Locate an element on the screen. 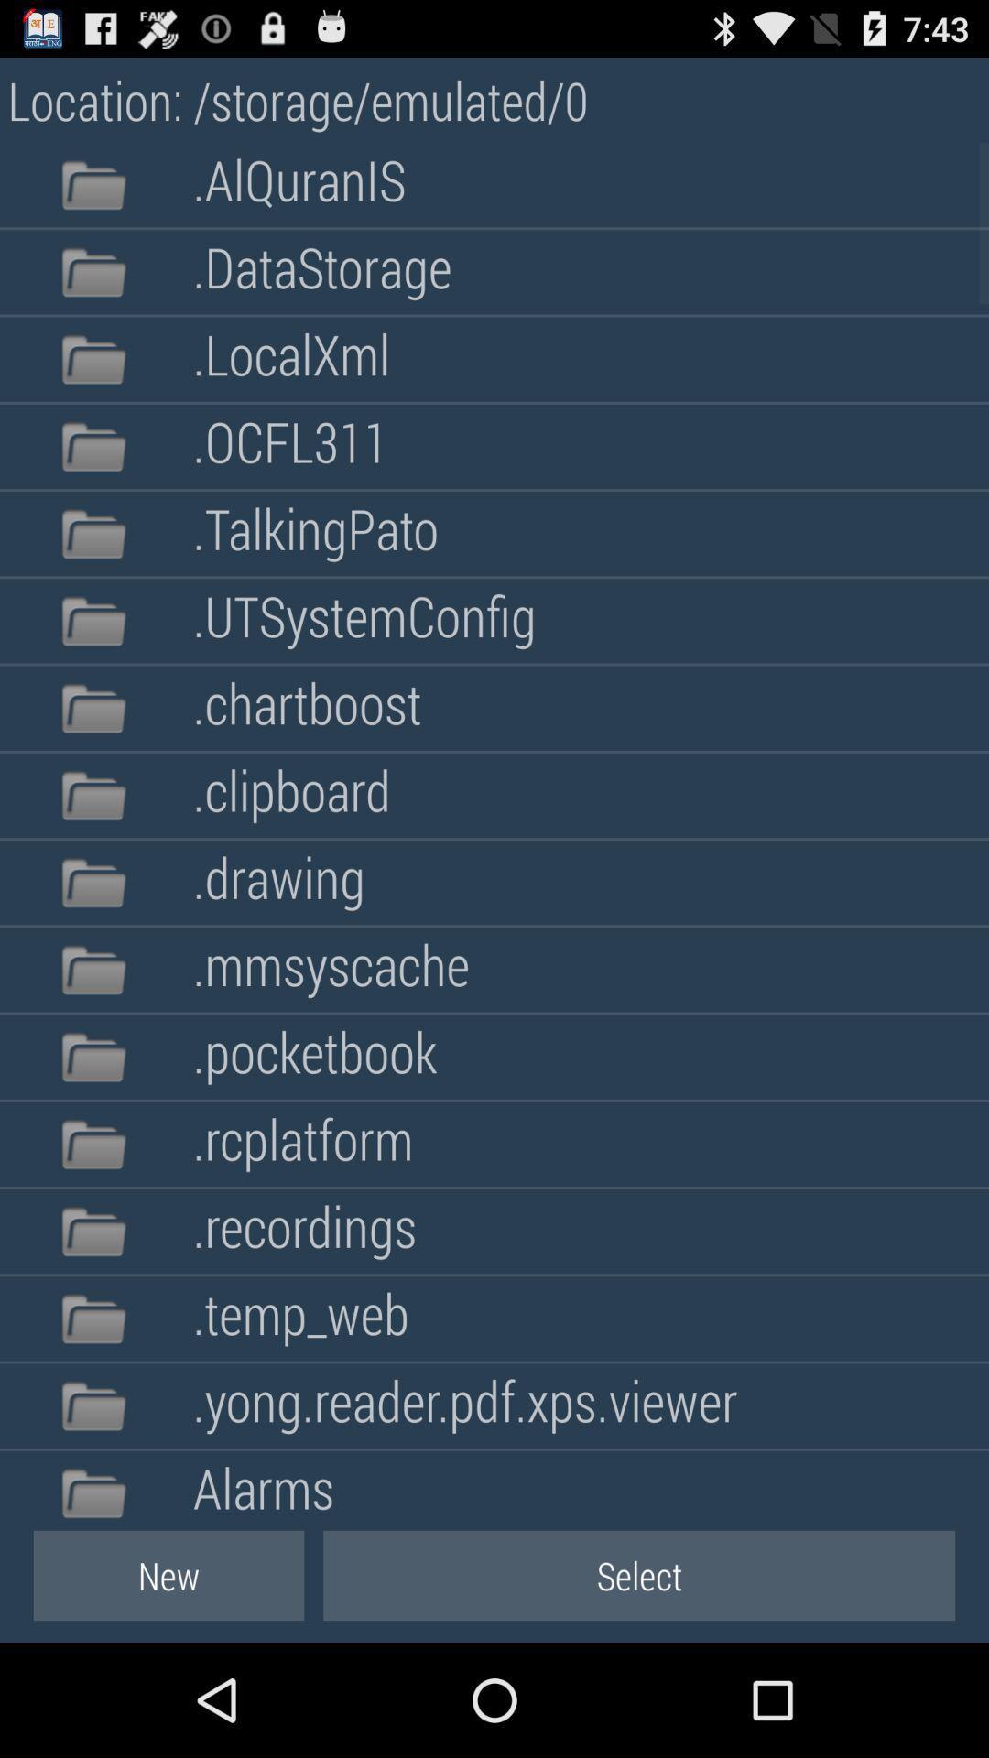 Image resolution: width=989 pixels, height=1758 pixels. app below the location storage emulated icon is located at coordinates (299, 185).